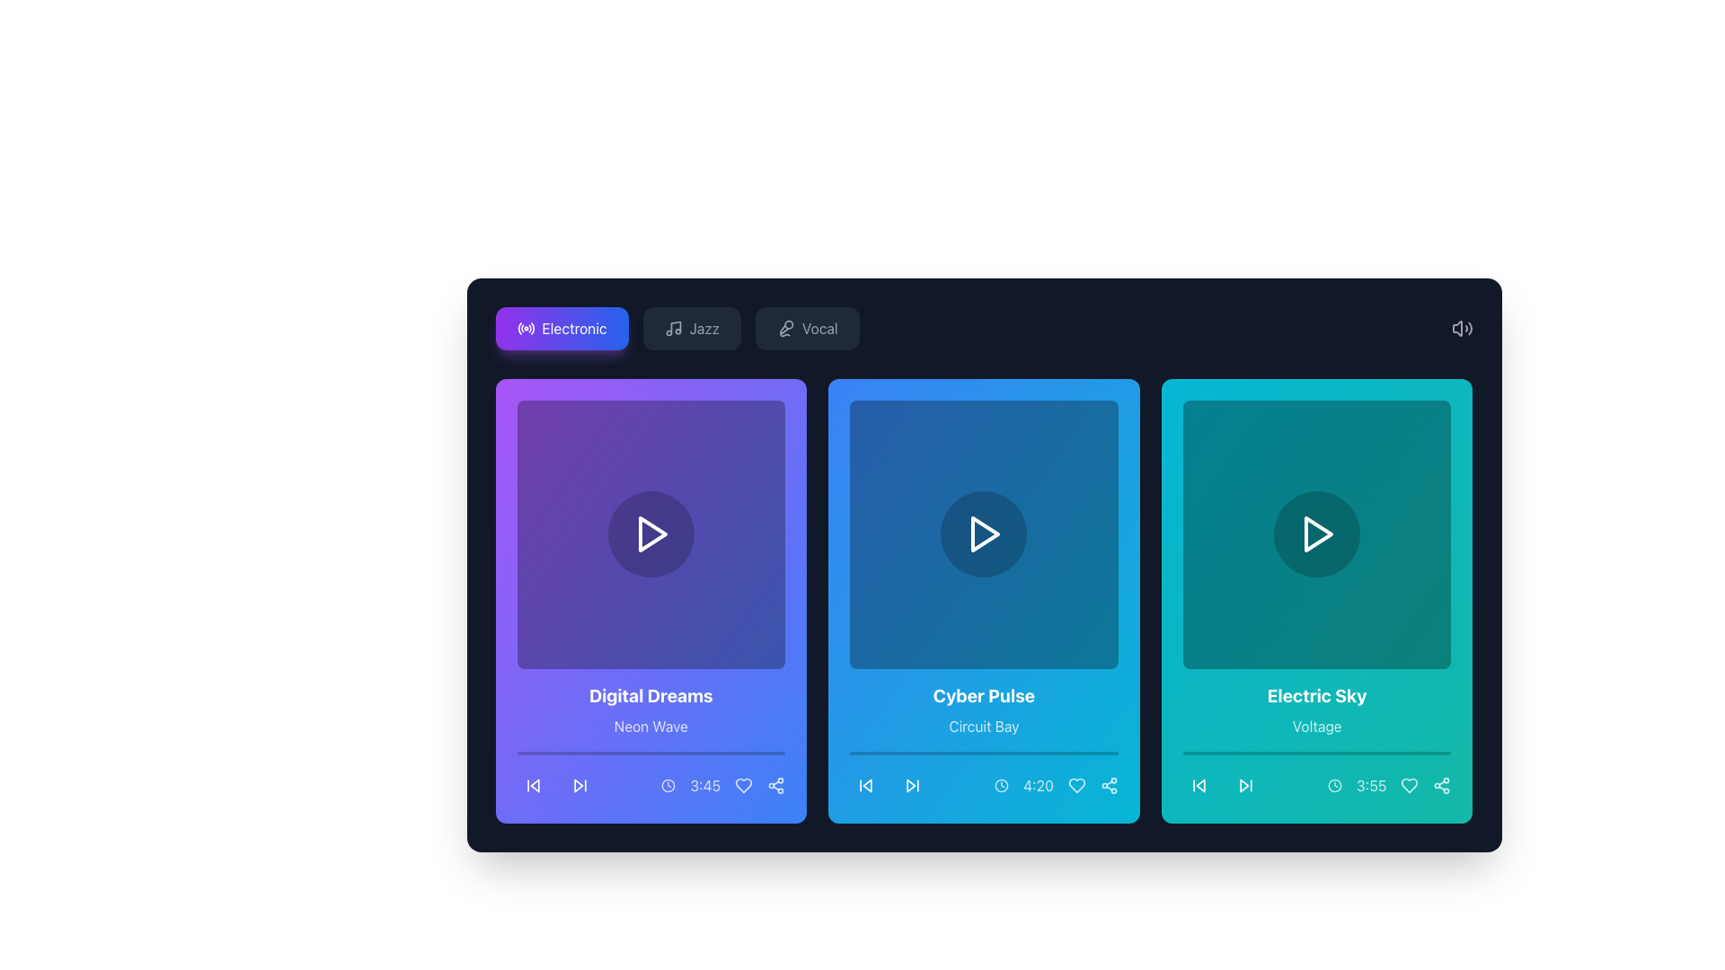 This screenshot has height=970, width=1725. Describe the element at coordinates (784, 329) in the screenshot. I see `'Vocal' category icon in the SVG graphic for its properties, positioned near its center at the specified coordinates` at that location.